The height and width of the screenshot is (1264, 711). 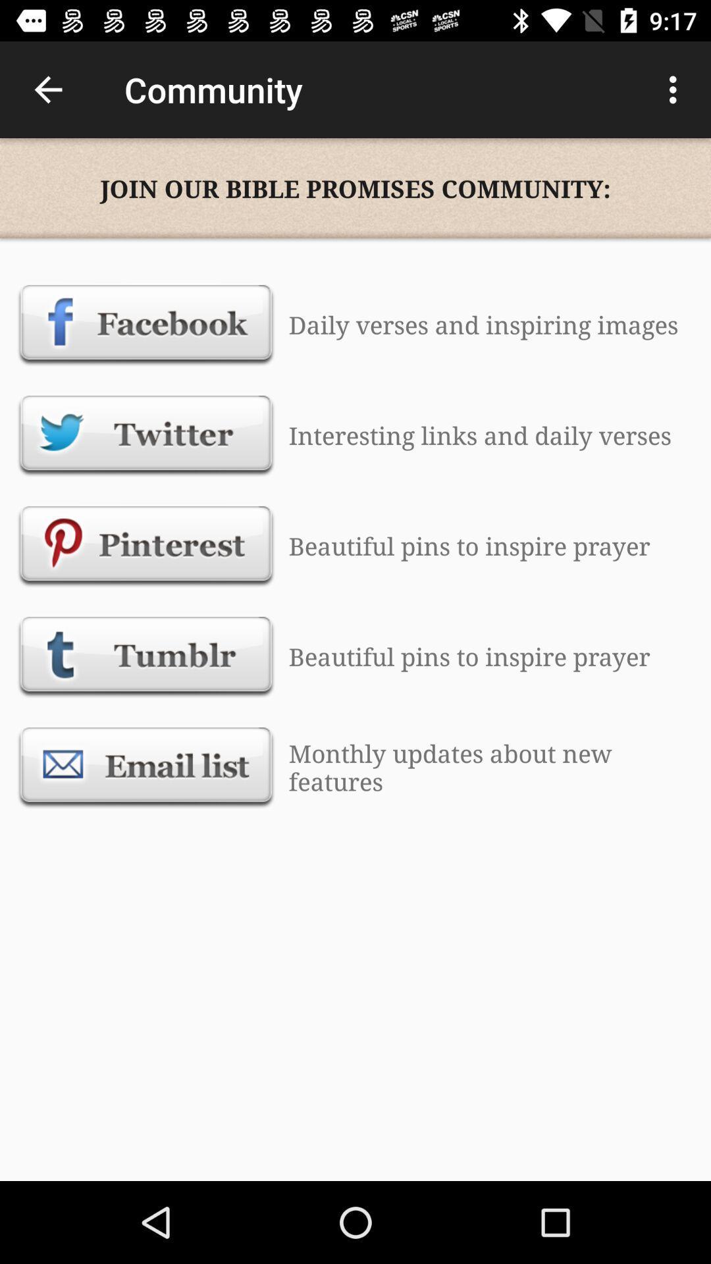 What do you see at coordinates (676, 89) in the screenshot?
I see `item next to the community` at bounding box center [676, 89].